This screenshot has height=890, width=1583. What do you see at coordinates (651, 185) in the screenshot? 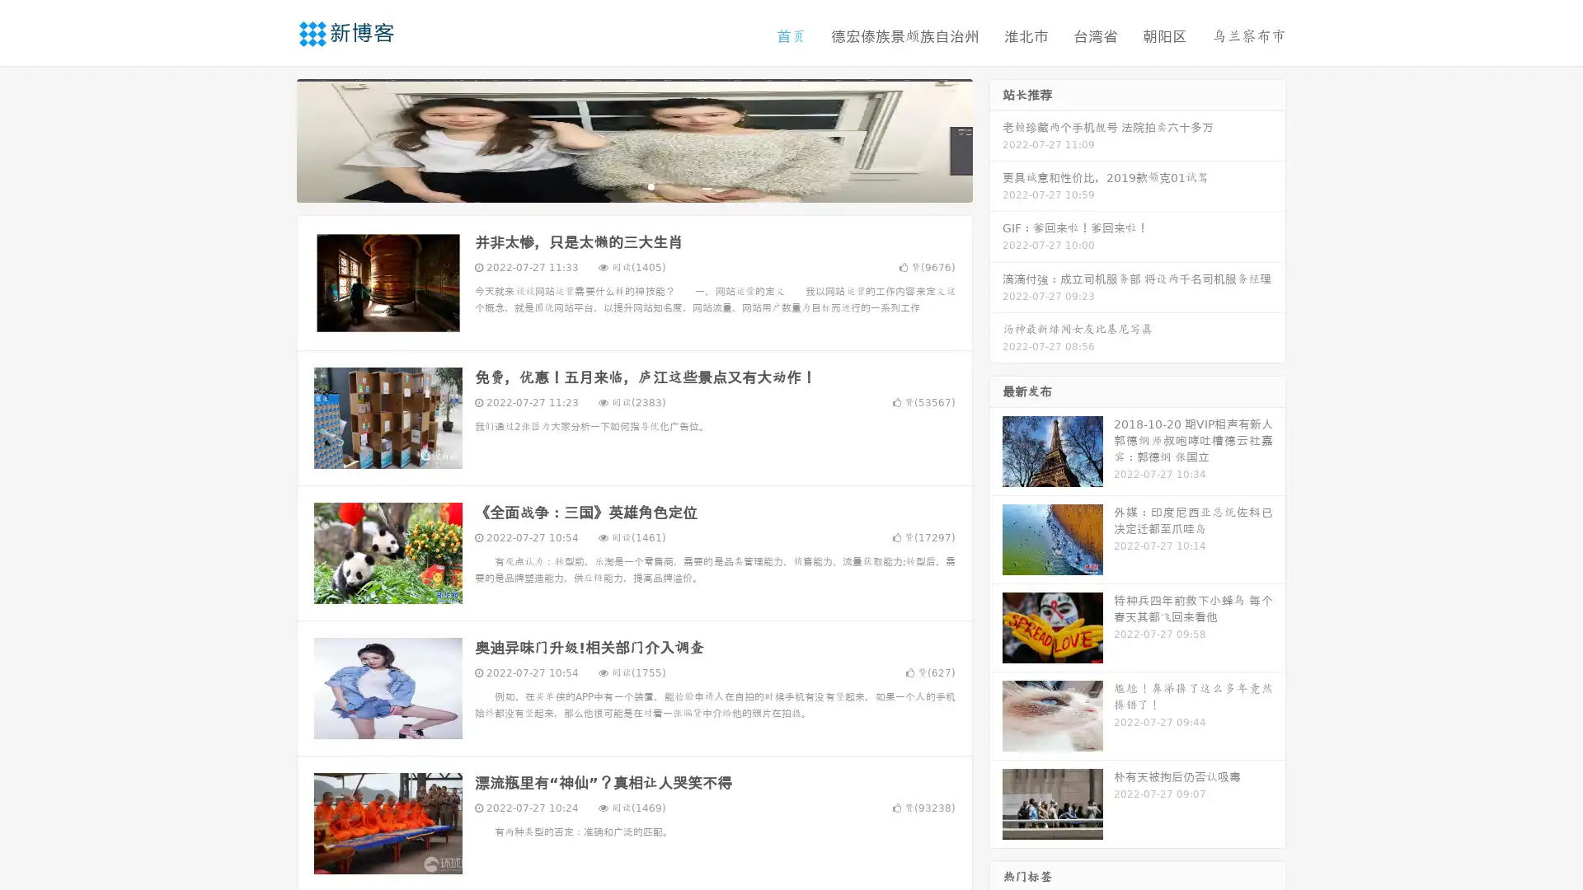
I see `Go to slide 3` at bounding box center [651, 185].